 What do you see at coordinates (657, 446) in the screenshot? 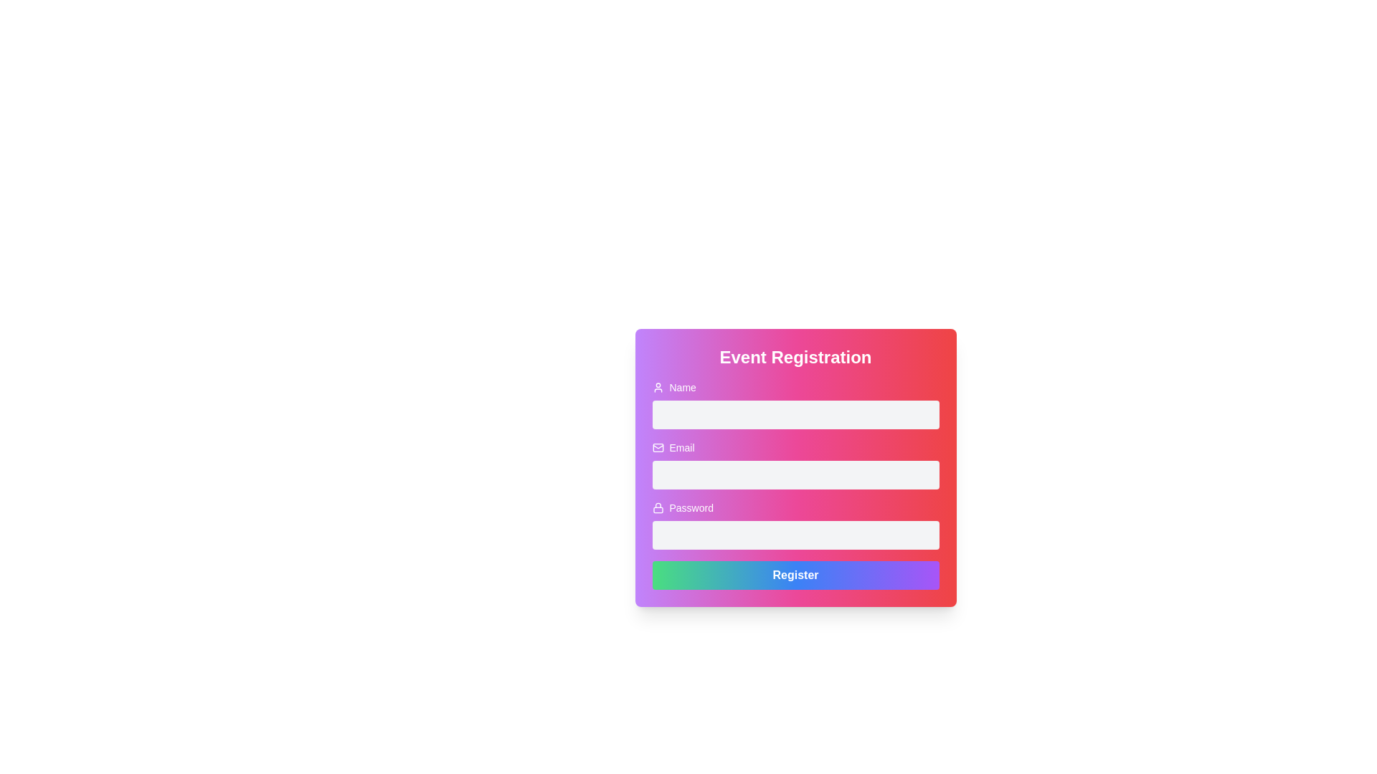
I see `the minimalistic envelope icon located directly to the left of the 'Email' label in the Event Registration form` at bounding box center [657, 446].